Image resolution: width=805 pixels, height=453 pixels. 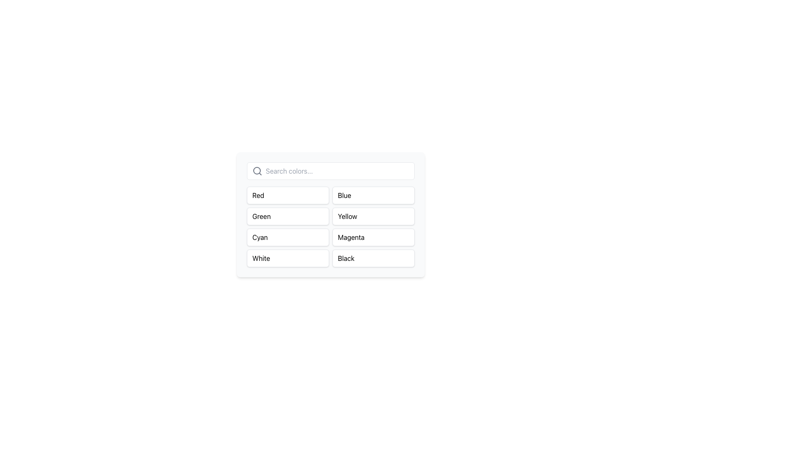 I want to click on the text label displaying 'Red' in black font, located in the first button on the left within a grid of color options, so click(x=288, y=195).